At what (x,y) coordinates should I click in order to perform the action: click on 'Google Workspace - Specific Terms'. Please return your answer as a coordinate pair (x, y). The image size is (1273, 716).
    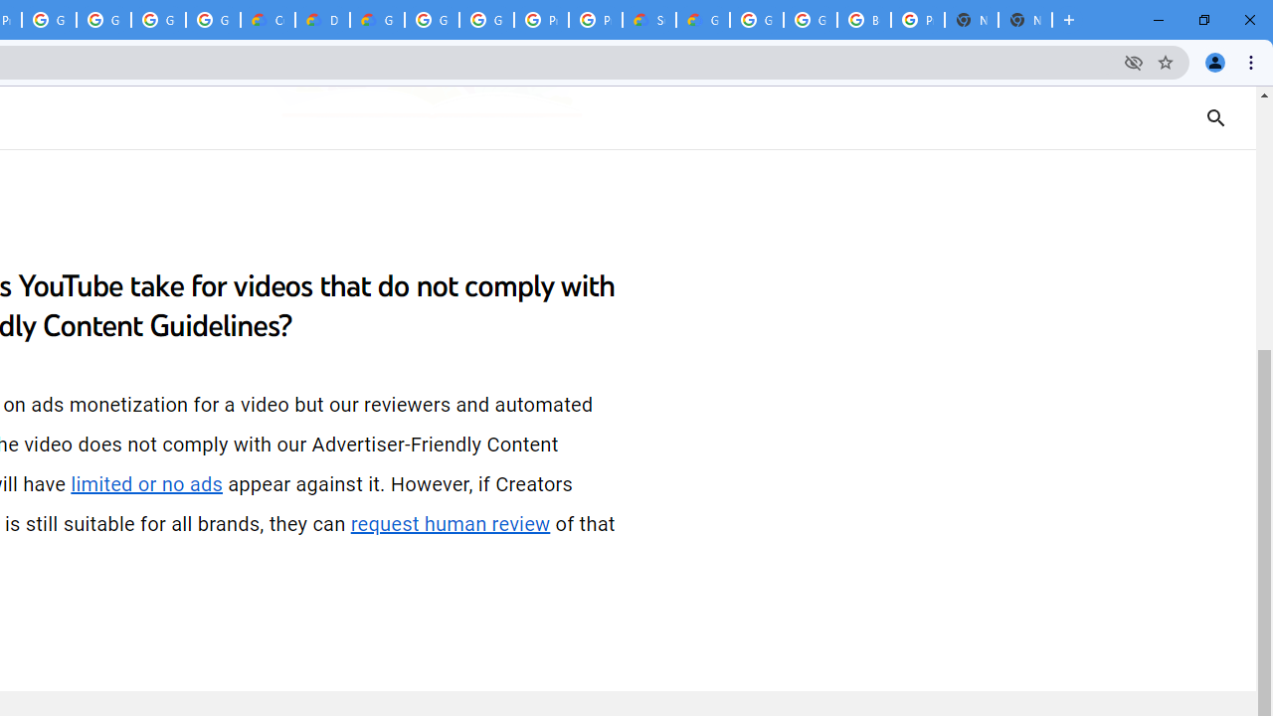
    Looking at the image, I should click on (157, 20).